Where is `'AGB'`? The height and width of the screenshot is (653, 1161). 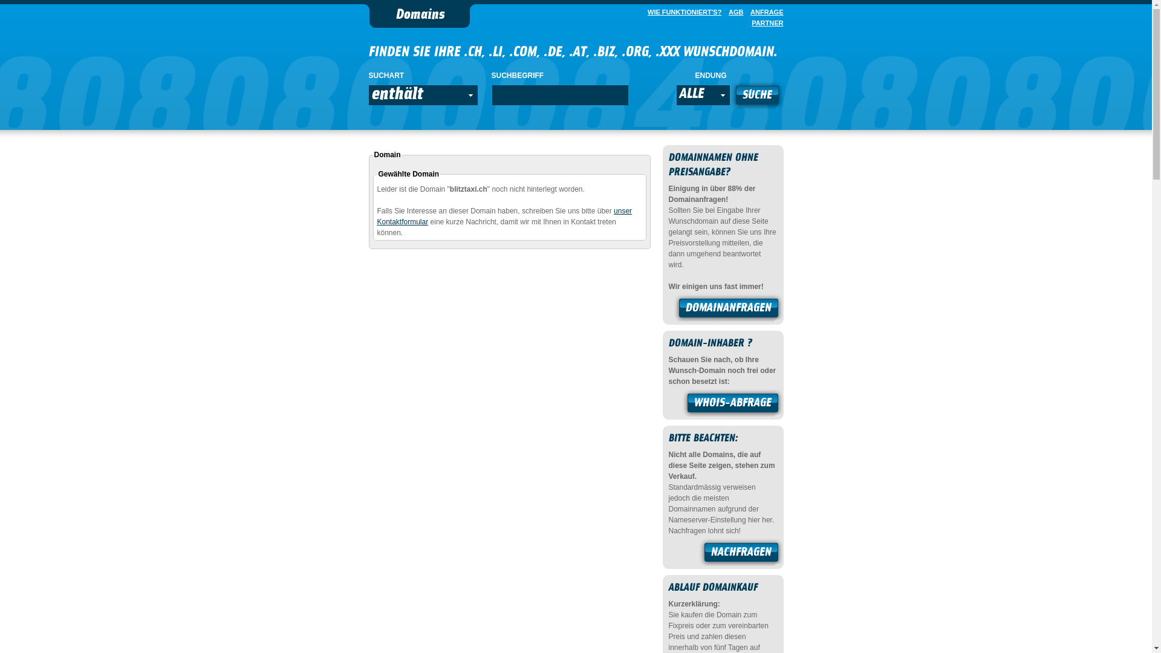
'AGB' is located at coordinates (733, 11).